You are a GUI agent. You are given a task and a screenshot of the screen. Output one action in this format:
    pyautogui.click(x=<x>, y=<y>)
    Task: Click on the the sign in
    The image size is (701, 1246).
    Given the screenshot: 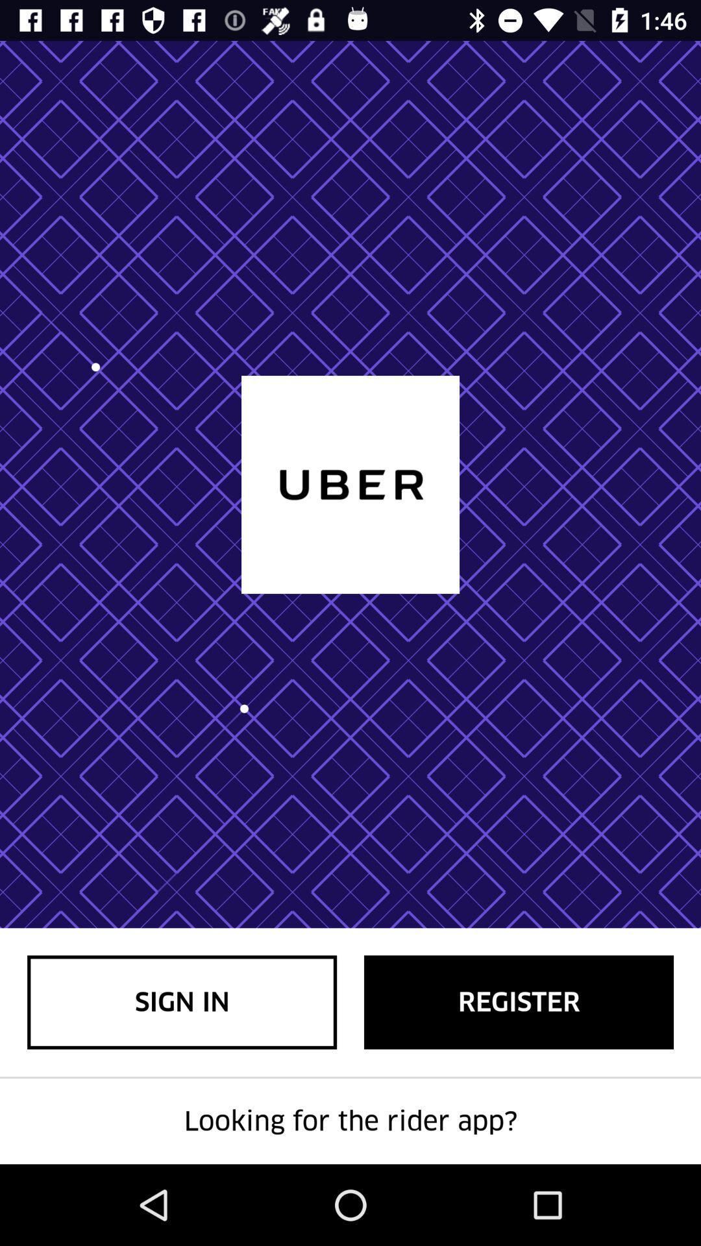 What is the action you would take?
    pyautogui.click(x=182, y=1001)
    